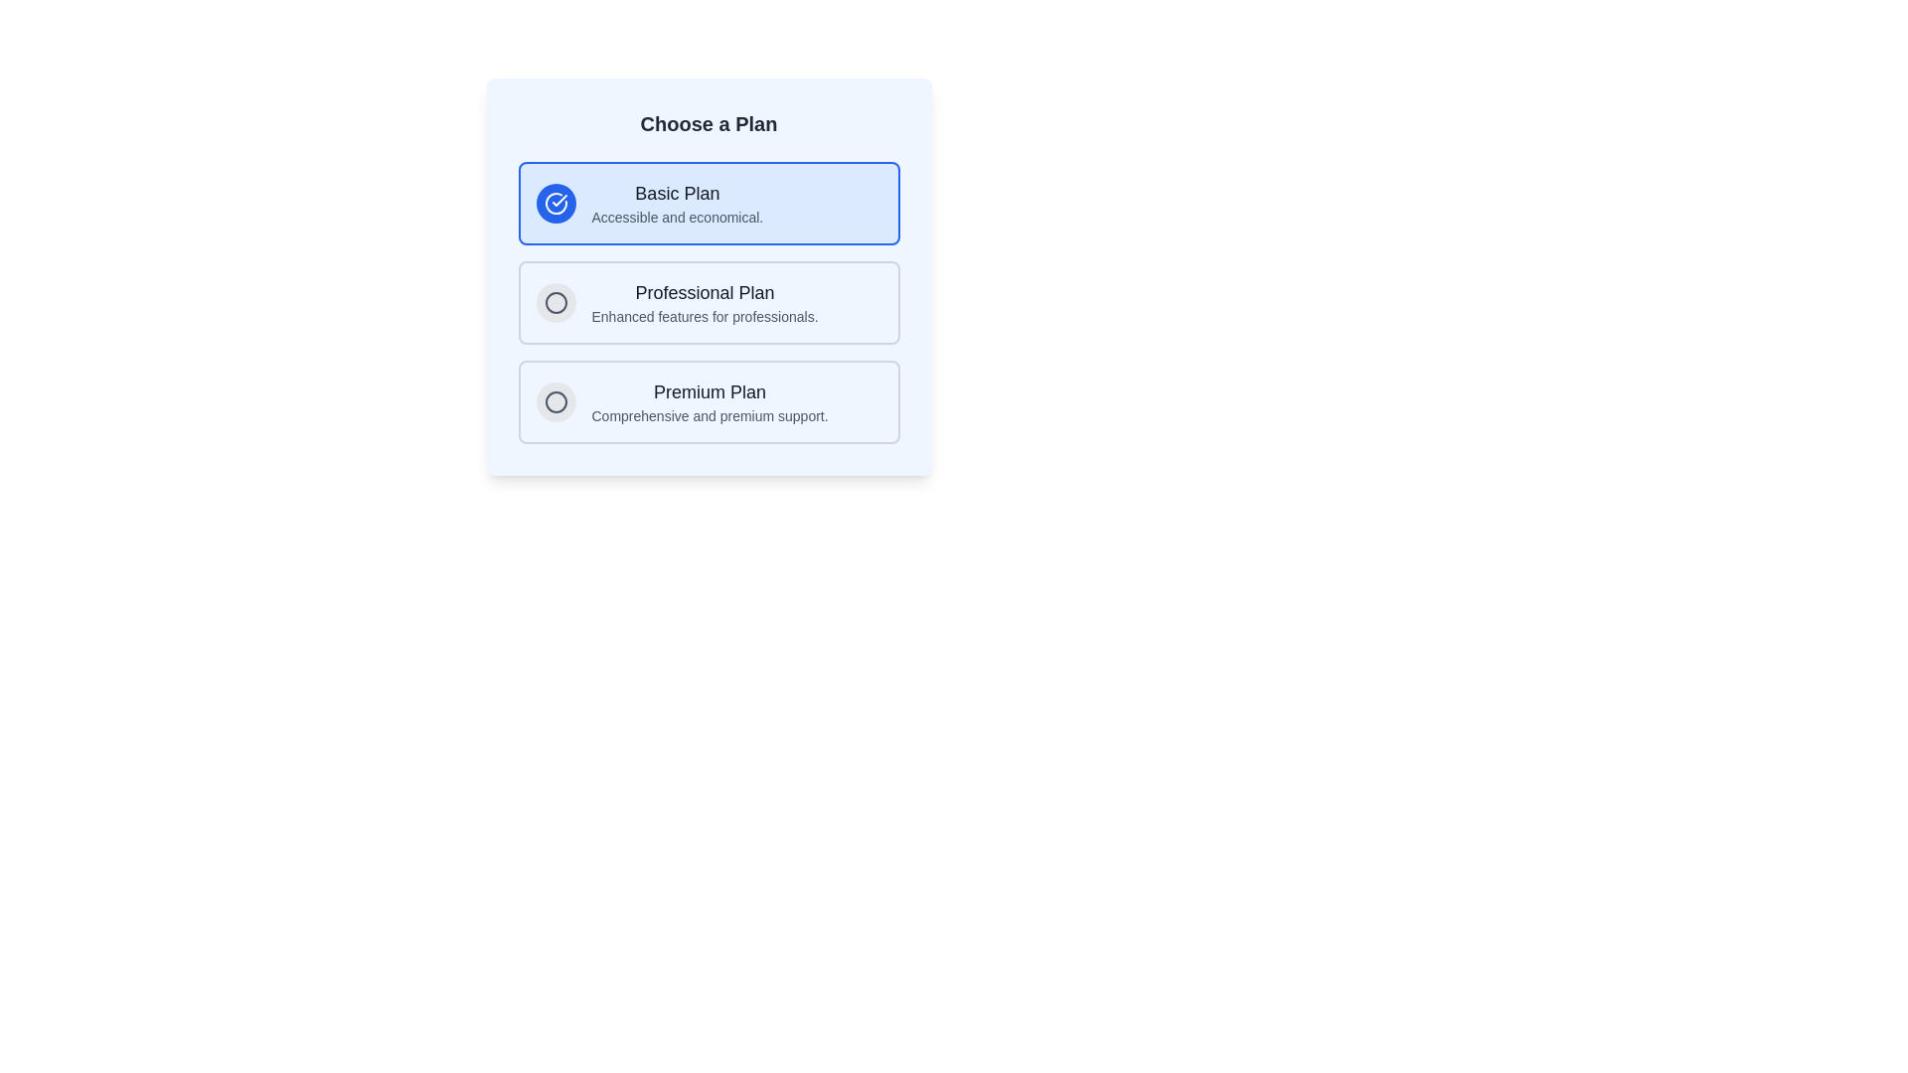 This screenshot has height=1073, width=1908. Describe the element at coordinates (709, 203) in the screenshot. I see `the first selectable button labeled 'Basic Plan' in the 'Choose a Plan' card interface` at that location.